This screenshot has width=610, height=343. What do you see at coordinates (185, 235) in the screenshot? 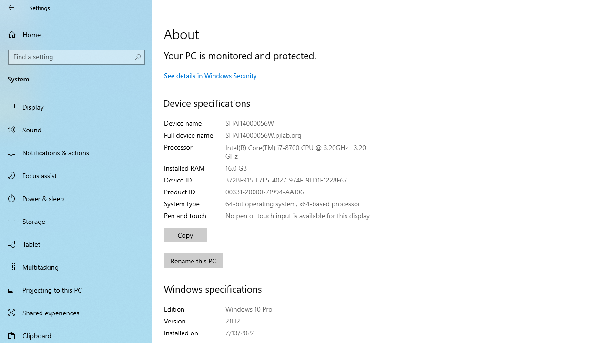
I see `'Copy'` at bounding box center [185, 235].